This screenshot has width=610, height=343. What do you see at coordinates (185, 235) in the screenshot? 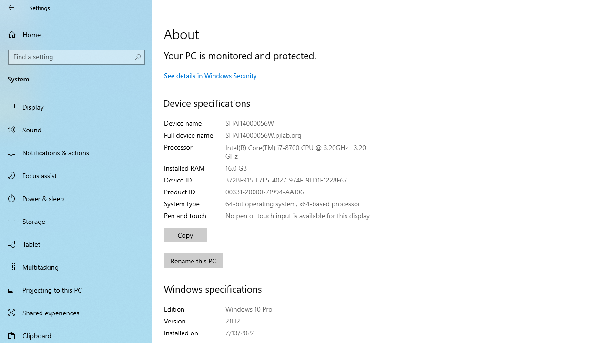
I see `'Copy'` at bounding box center [185, 235].